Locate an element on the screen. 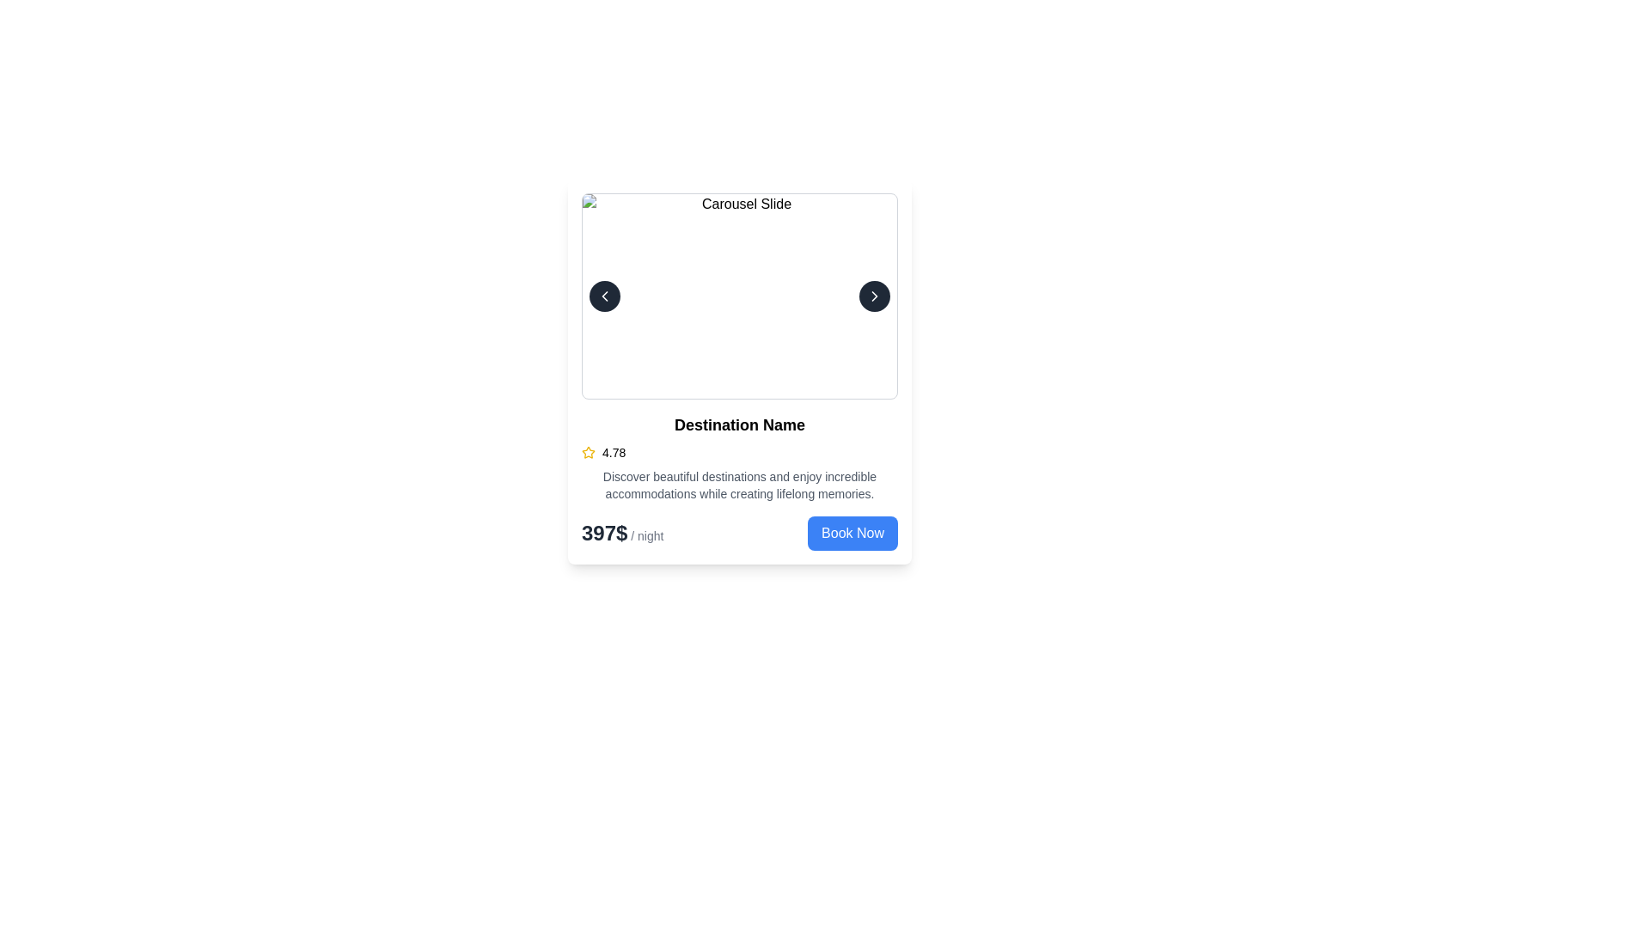 Image resolution: width=1650 pixels, height=928 pixels. displayed price text '397$ / night' from the Text Label located in the bottom-left corner of the card, preceding the 'Book Now' button is located at coordinates (621, 533).